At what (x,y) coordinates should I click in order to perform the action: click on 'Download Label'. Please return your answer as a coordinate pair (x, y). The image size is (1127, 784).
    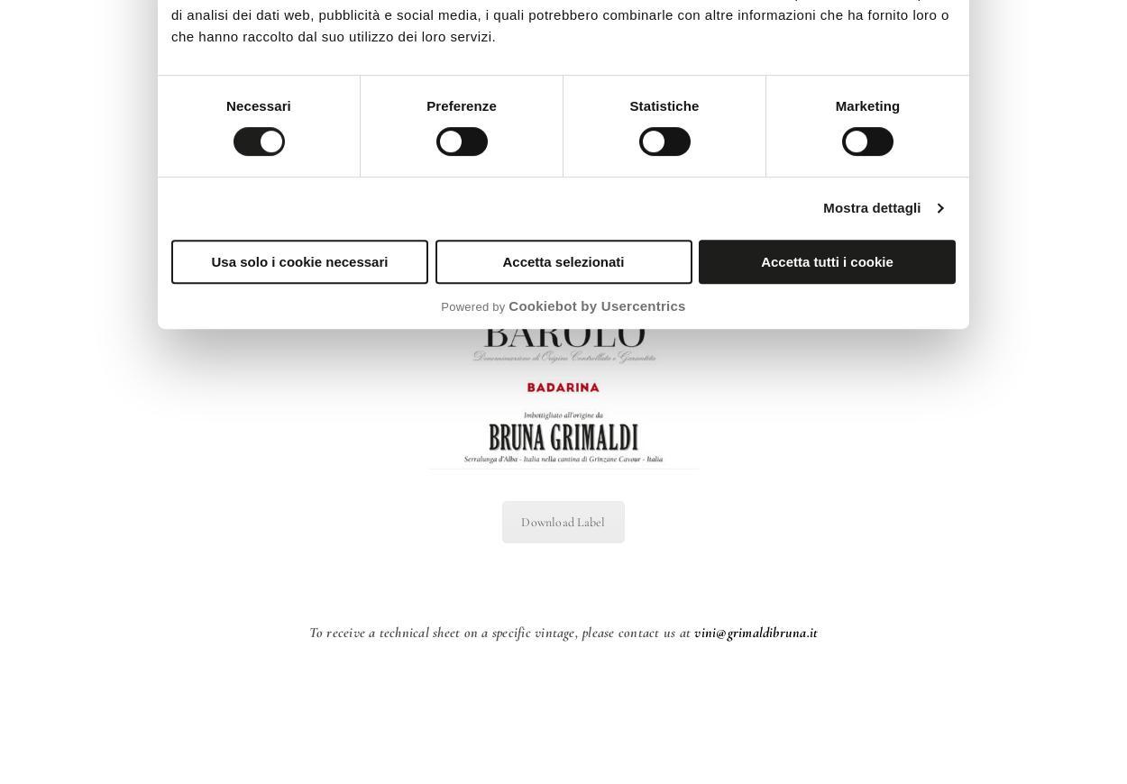
    Looking at the image, I should click on (562, 521).